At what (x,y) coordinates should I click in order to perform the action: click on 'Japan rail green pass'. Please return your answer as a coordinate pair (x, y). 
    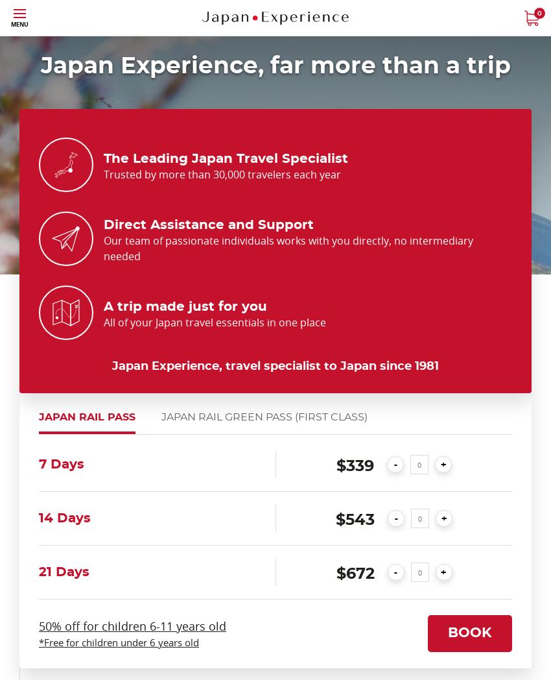
    Looking at the image, I should click on (227, 416).